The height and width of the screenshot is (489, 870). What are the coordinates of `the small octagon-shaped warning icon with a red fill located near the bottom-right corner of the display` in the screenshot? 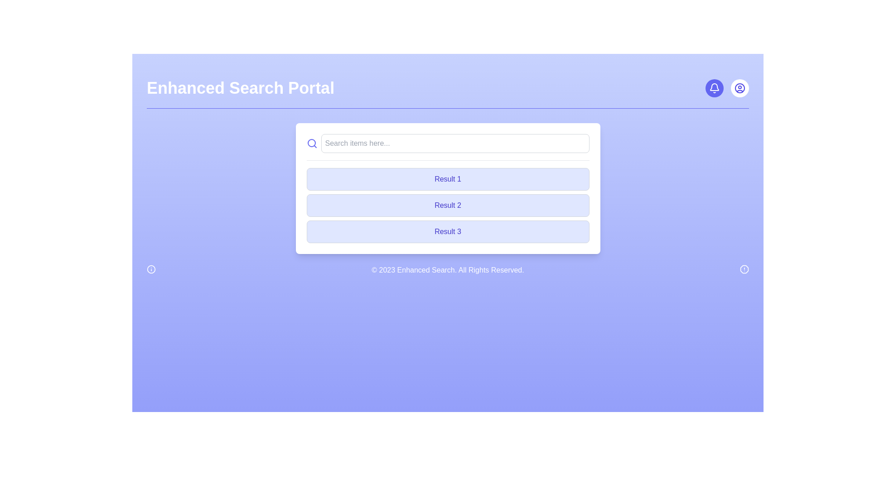 It's located at (744, 268).